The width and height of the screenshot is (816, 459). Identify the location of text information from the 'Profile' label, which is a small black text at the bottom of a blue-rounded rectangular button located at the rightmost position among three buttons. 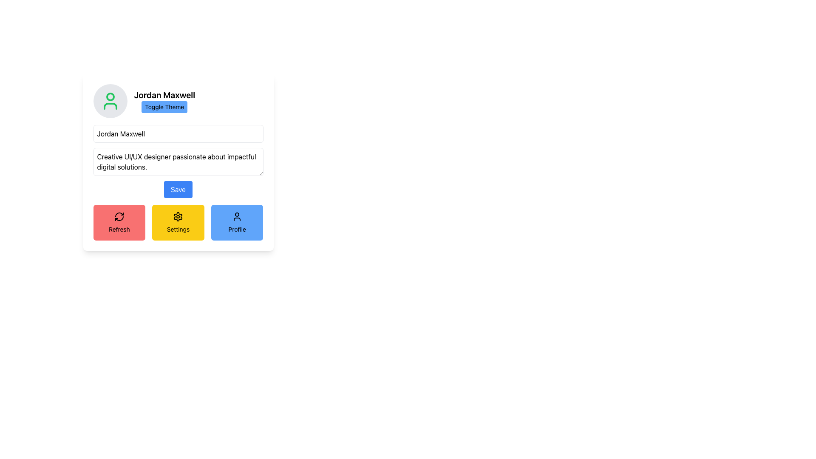
(237, 229).